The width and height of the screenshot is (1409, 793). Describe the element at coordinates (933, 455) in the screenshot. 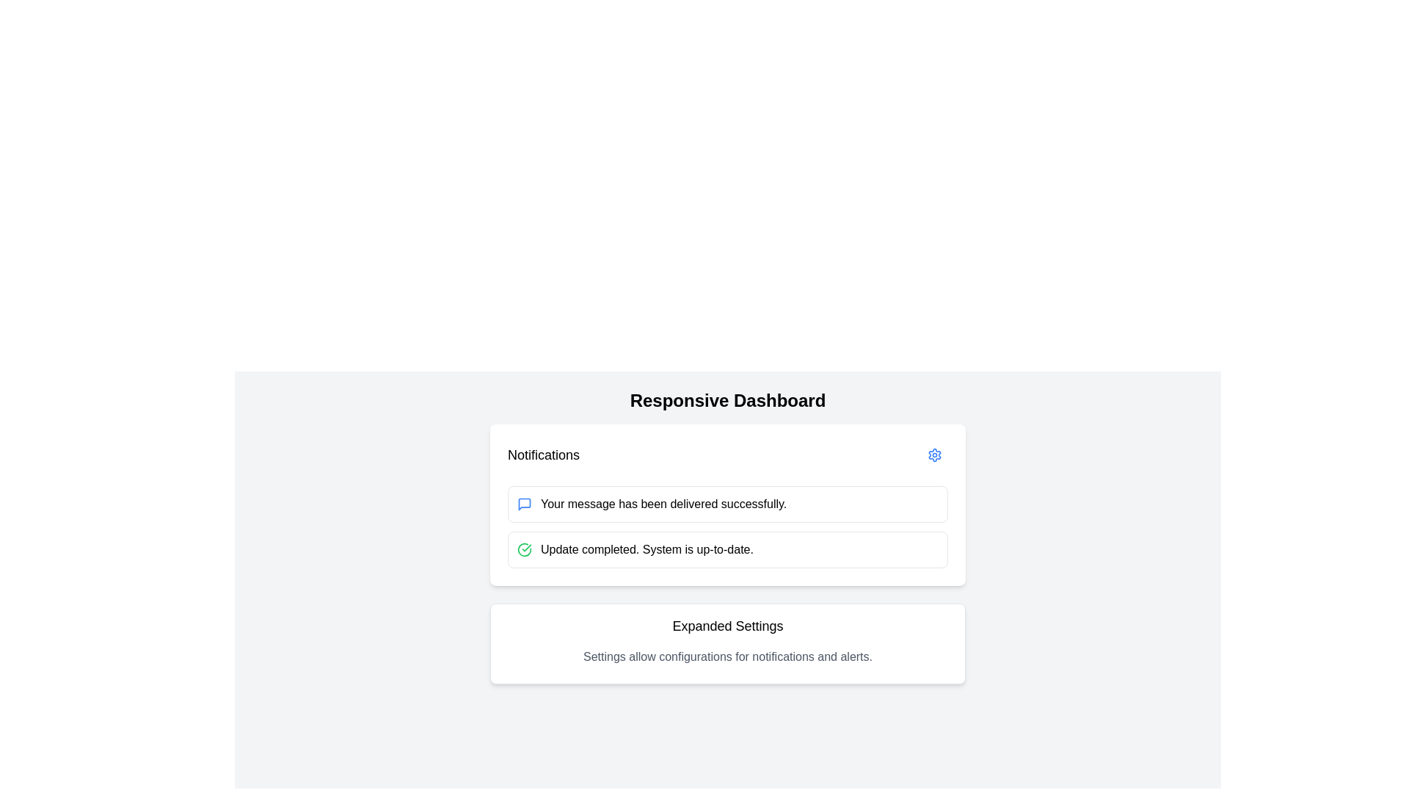

I see `the gear icon button` at that location.